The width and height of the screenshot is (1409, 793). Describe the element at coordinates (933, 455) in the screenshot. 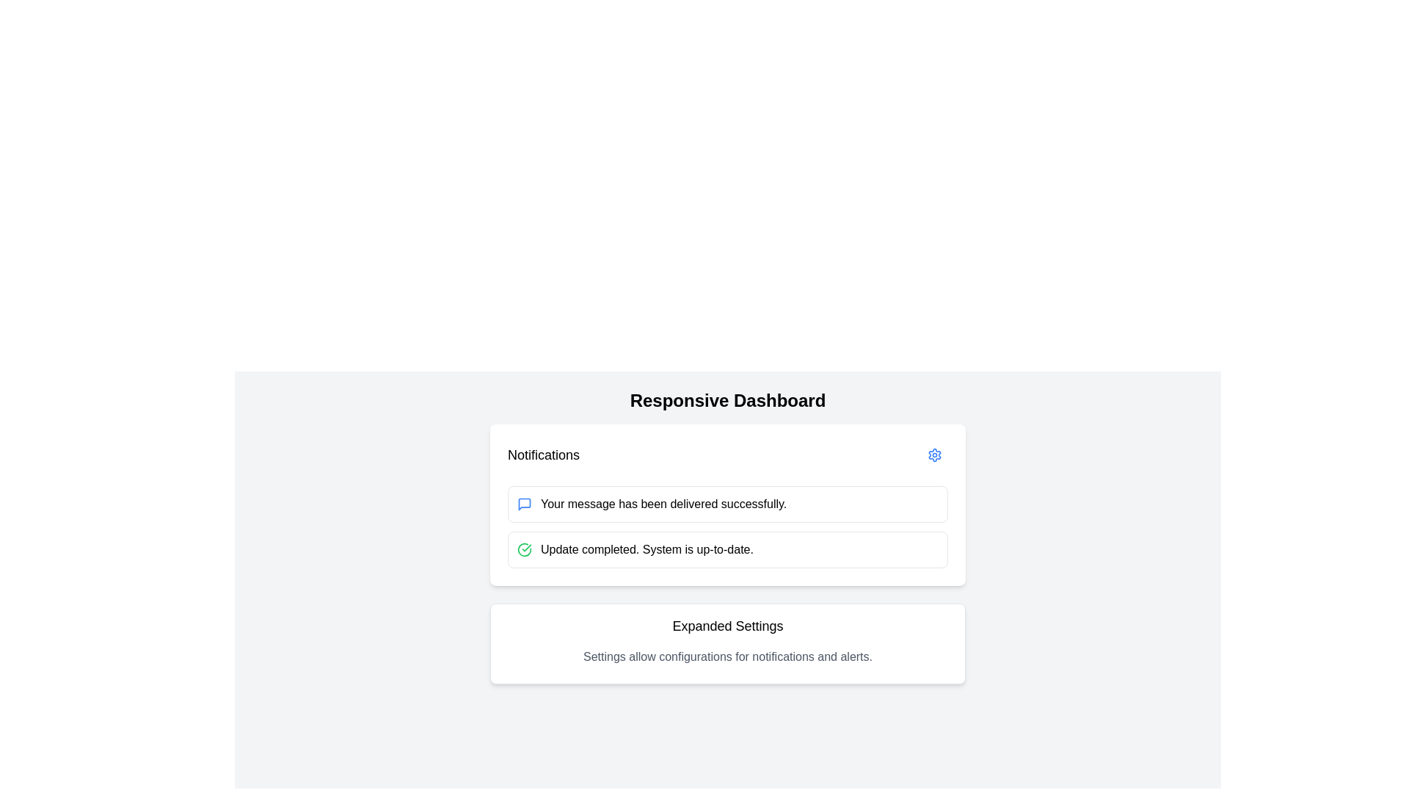

I see `the gear icon button` at that location.